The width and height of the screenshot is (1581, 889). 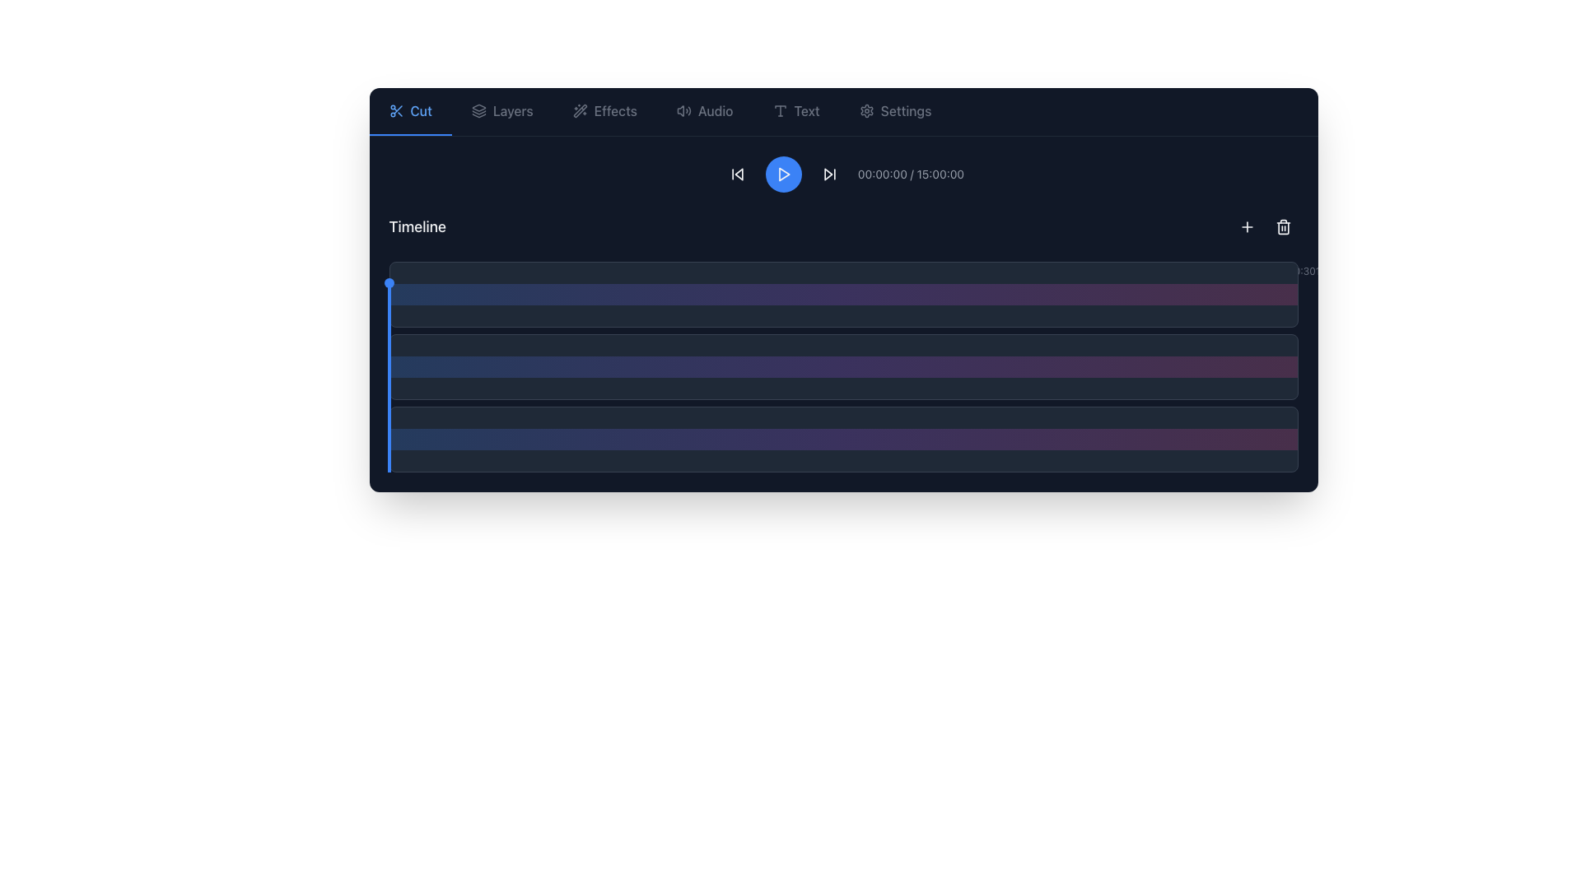 What do you see at coordinates (910, 175) in the screenshot?
I see `the time counter text display field located on the right side of the player control bar for accessibility navigation` at bounding box center [910, 175].